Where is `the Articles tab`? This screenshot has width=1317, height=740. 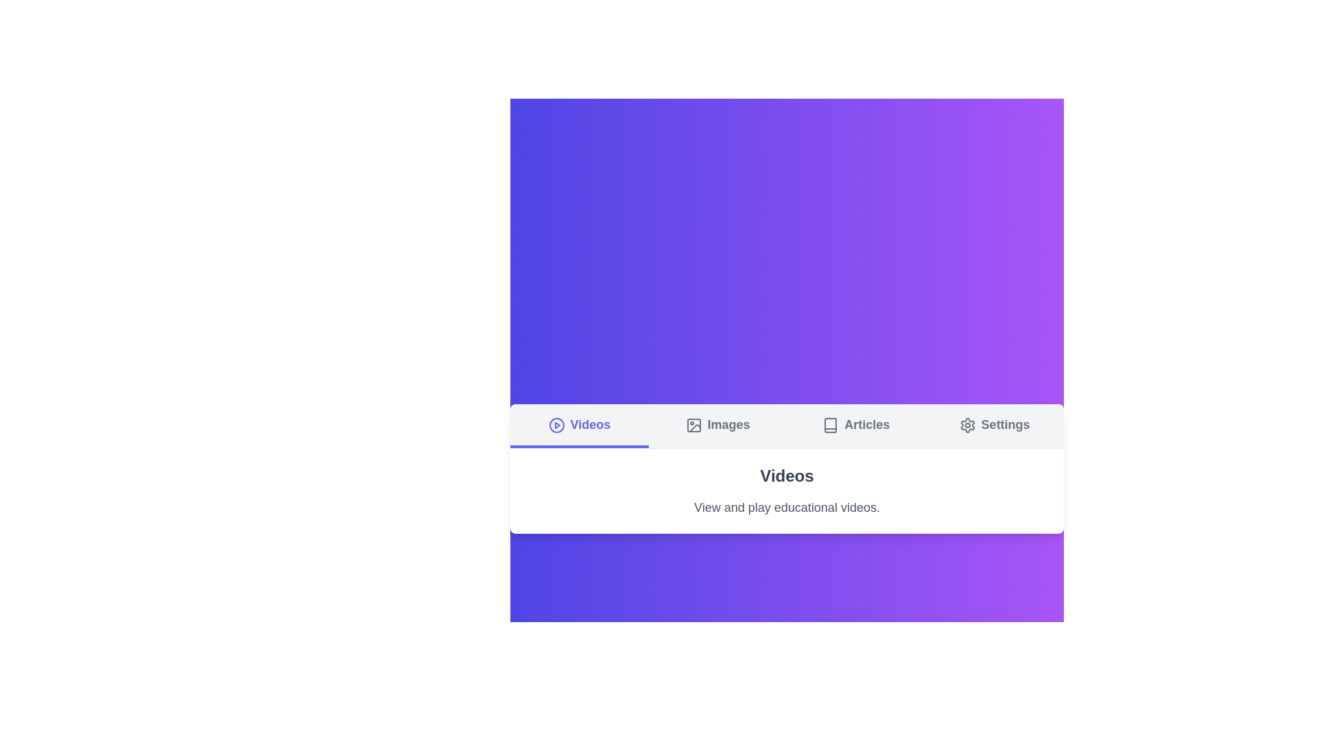
the Articles tab is located at coordinates (855, 425).